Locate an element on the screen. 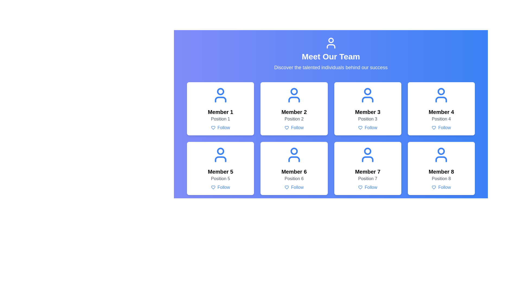 This screenshot has height=293, width=521. the text label displaying 'Position 5', which is styled in gray and located below the 'Member 5' title and above the 'Follow' button is located at coordinates (220, 179).